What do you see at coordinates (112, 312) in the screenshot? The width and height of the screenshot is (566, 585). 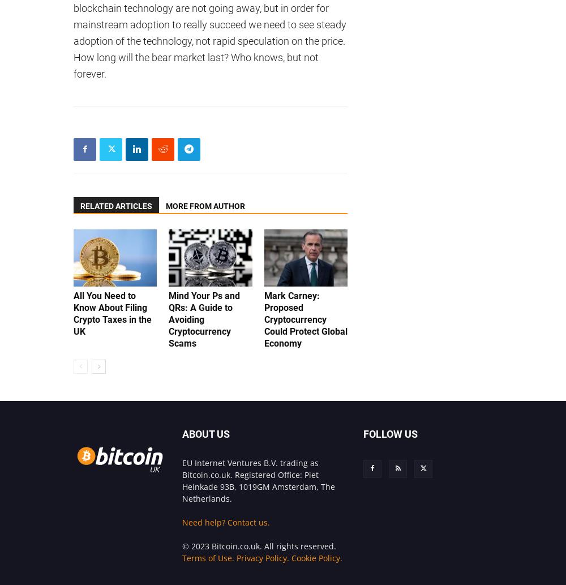 I see `'All You Need to Know About Filing Crypto Taxes in the UK'` at bounding box center [112, 312].